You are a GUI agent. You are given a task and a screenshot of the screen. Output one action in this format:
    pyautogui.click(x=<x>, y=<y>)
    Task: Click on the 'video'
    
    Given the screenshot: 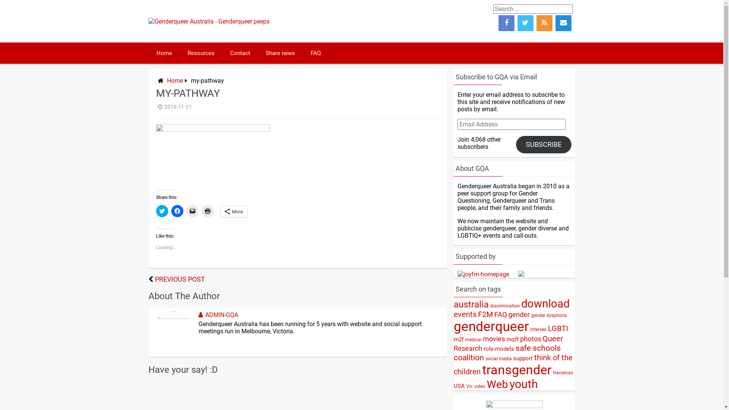 What is the action you would take?
    pyautogui.click(x=479, y=386)
    